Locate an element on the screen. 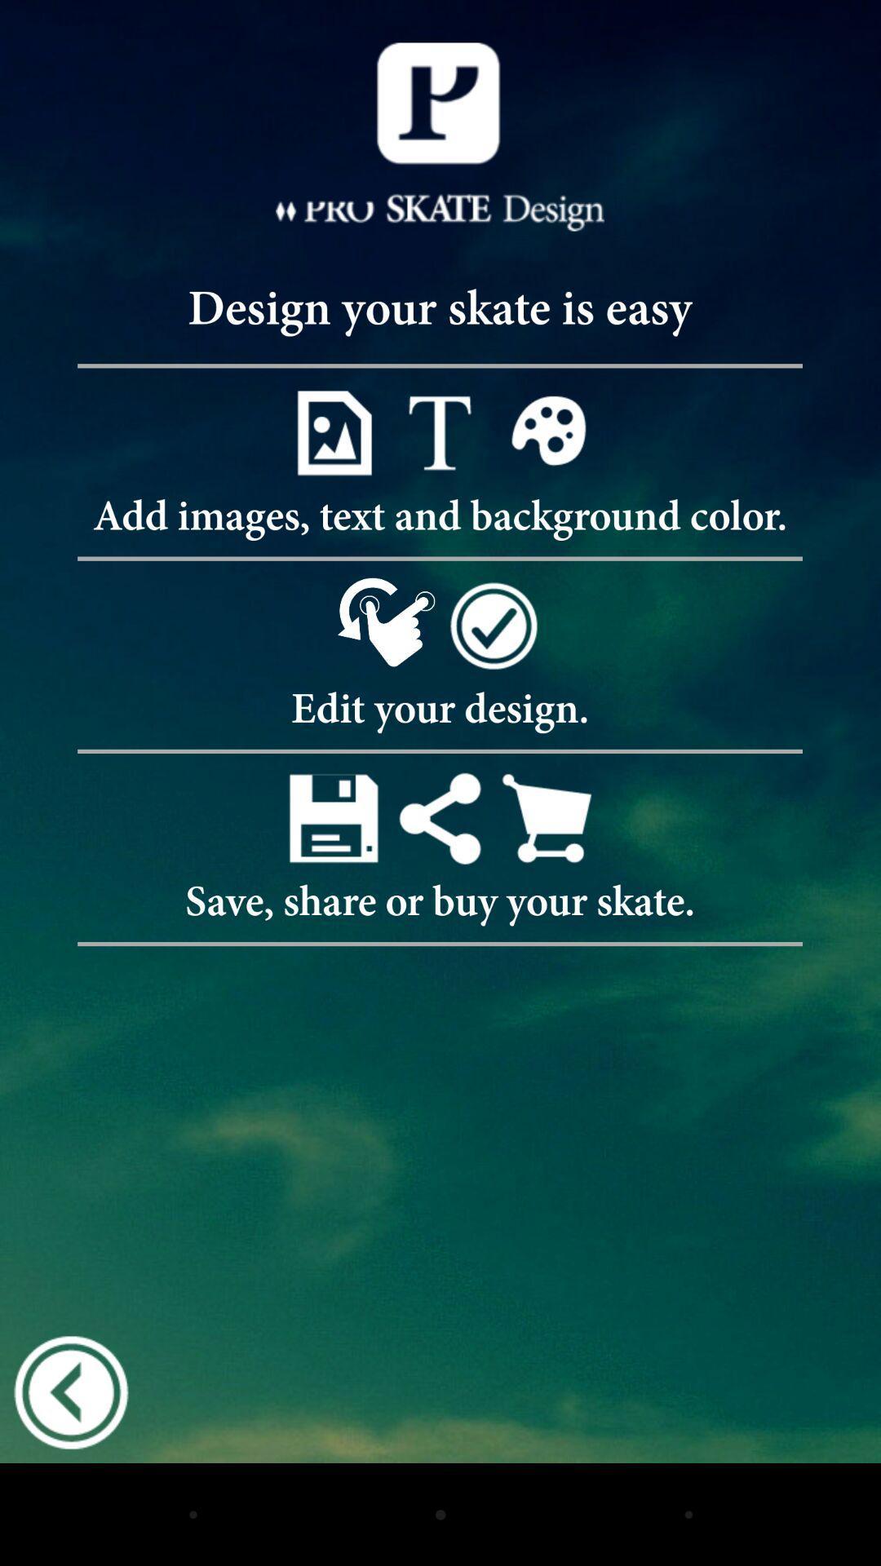 This screenshot has width=881, height=1566. go back is located at coordinates (70, 1391).